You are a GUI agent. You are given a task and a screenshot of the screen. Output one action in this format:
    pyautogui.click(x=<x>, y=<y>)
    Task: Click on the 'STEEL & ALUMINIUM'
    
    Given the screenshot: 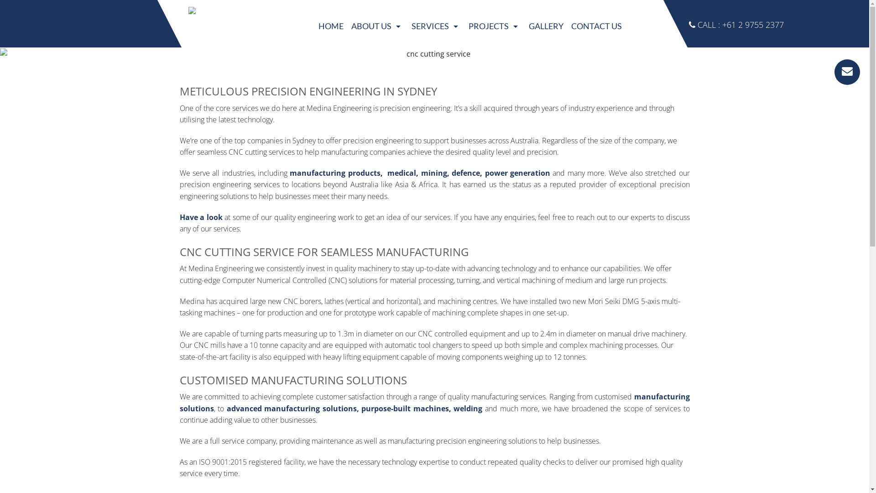 What is the action you would take?
    pyautogui.click(x=464, y=177)
    